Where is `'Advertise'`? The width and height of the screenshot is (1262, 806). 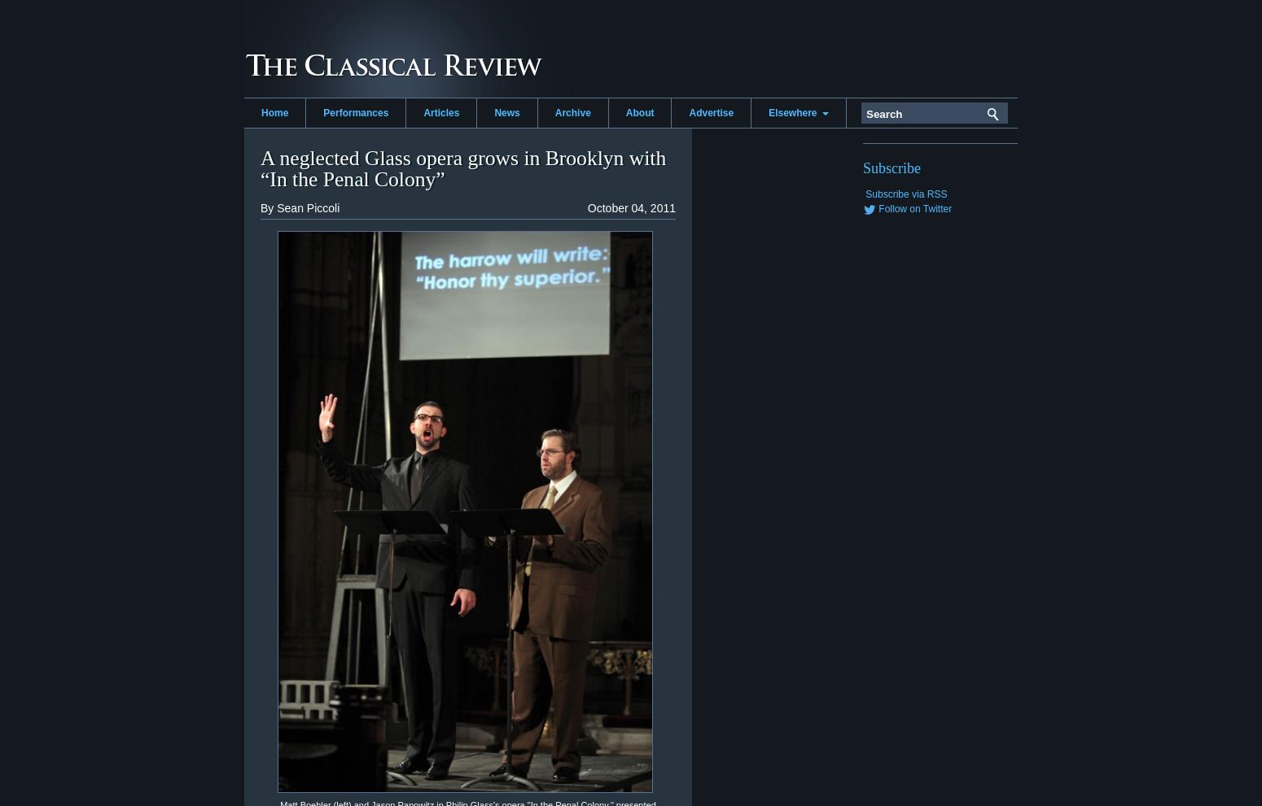
'Advertise' is located at coordinates (687, 113).